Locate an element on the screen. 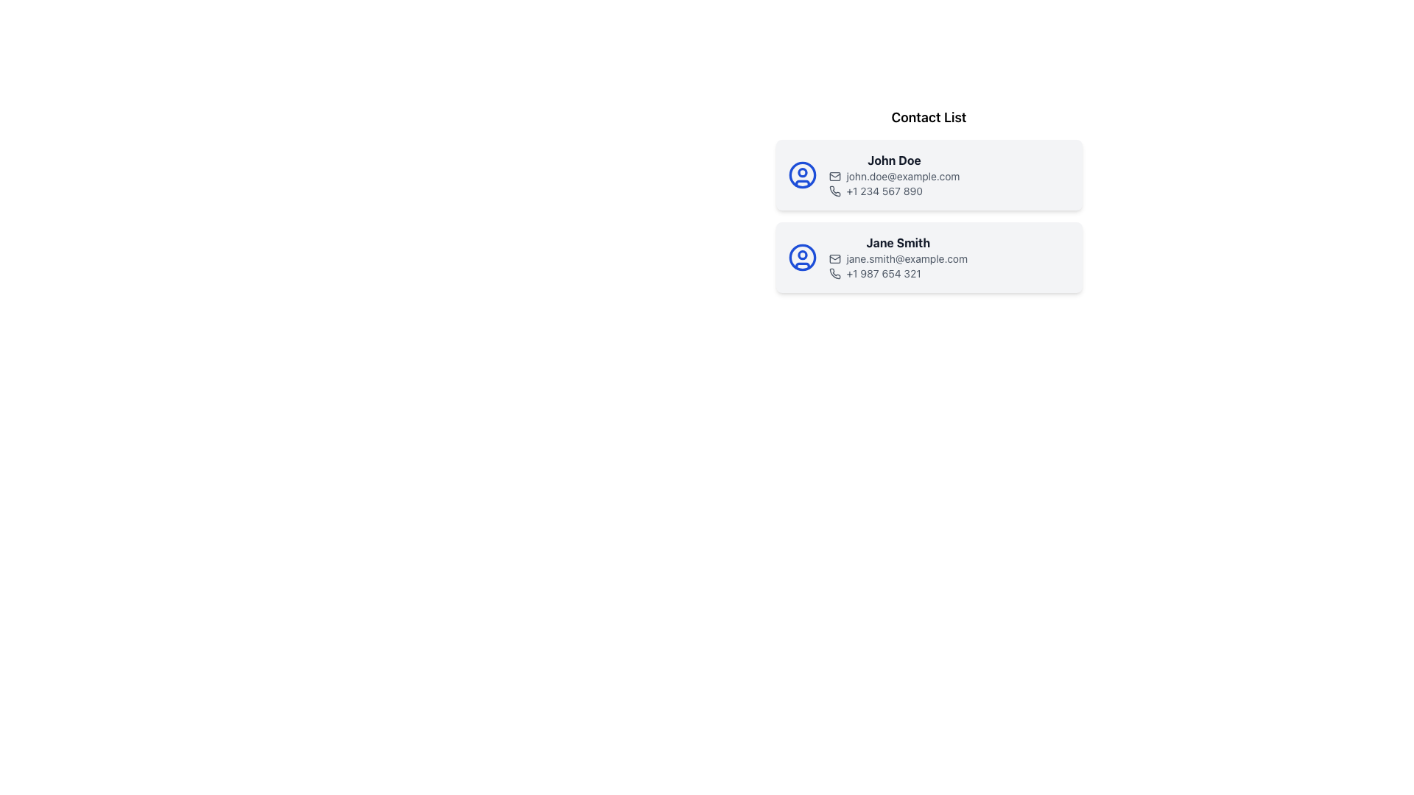 This screenshot has height=795, width=1414. the phone icon located within the first contact entry, adjacent to the phone number '+1 234 567 890', which visually represents the phone number information is located at coordinates (834, 190).